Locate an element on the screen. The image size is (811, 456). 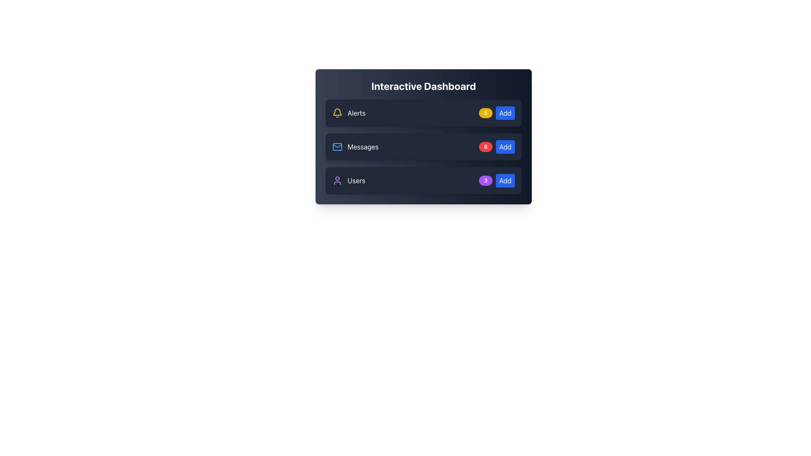
the user icon represented as an outlined silhouette of a person with a purple stroke color, located to the left of the 'Users' text in the third row of the dashboard interface for accessibility purposes is located at coordinates (337, 180).